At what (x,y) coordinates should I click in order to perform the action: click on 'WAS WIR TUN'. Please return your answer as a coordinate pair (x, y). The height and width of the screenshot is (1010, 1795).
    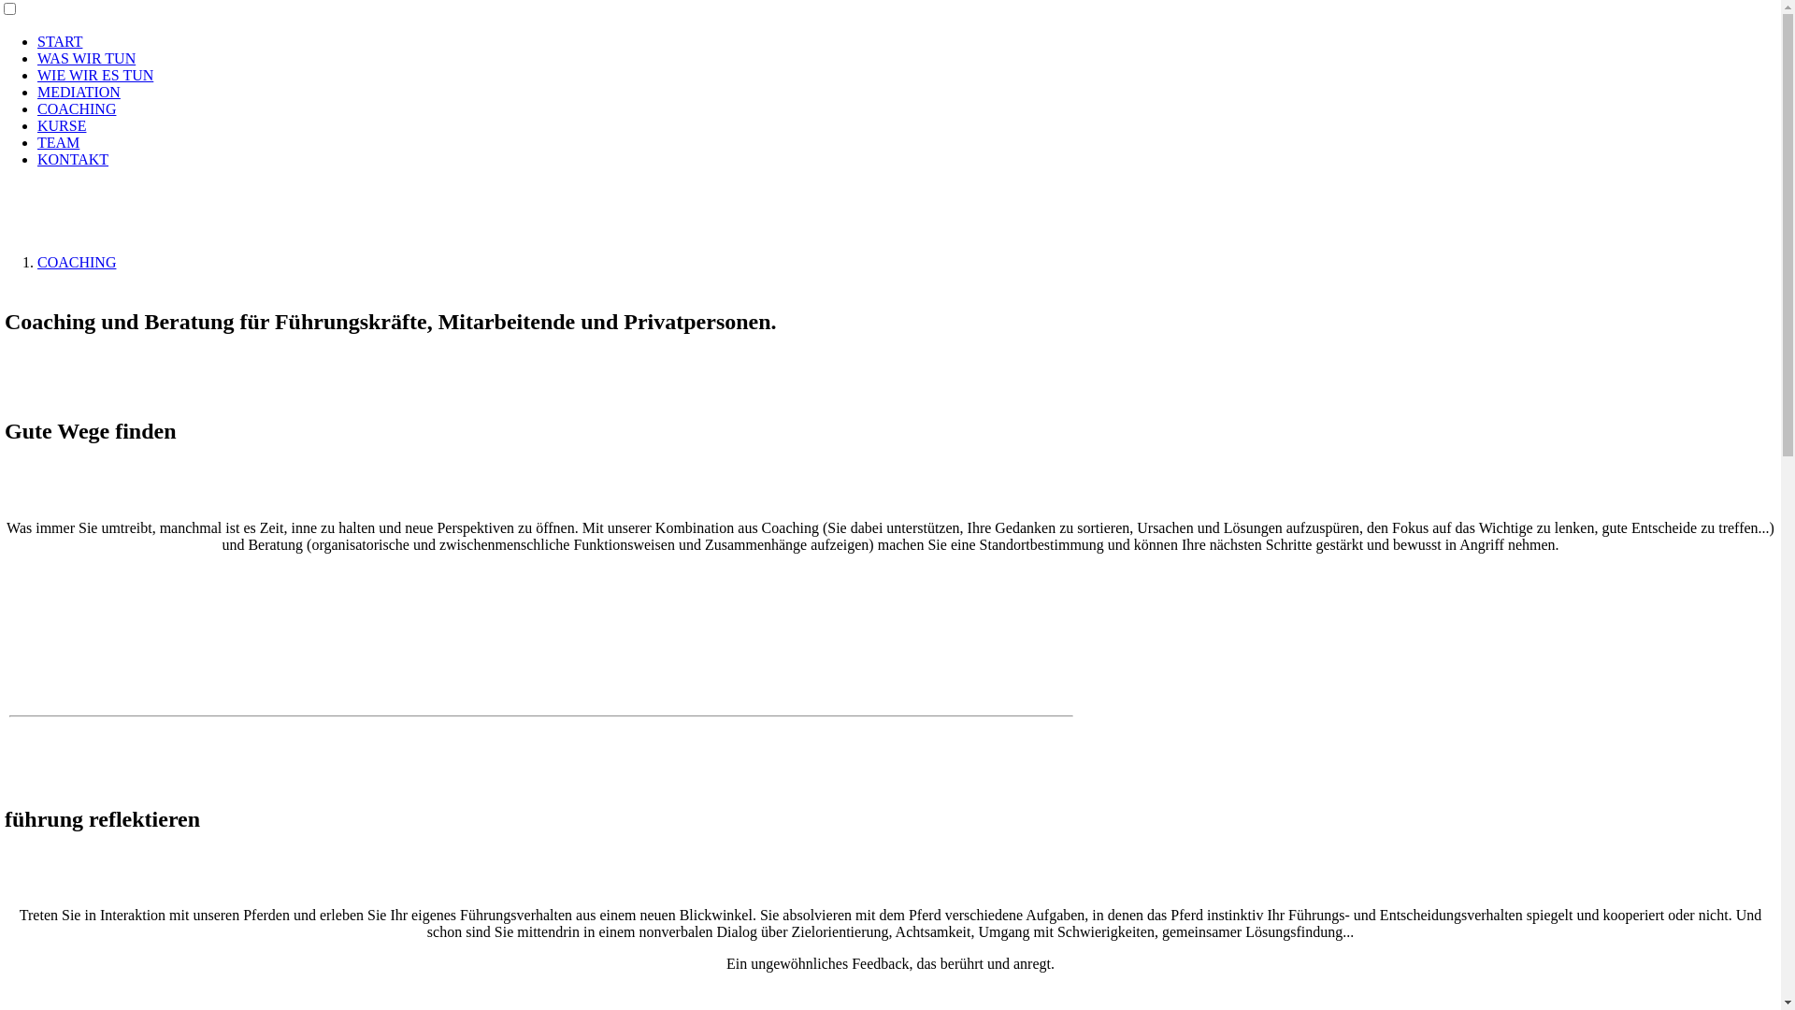
    Looking at the image, I should click on (36, 57).